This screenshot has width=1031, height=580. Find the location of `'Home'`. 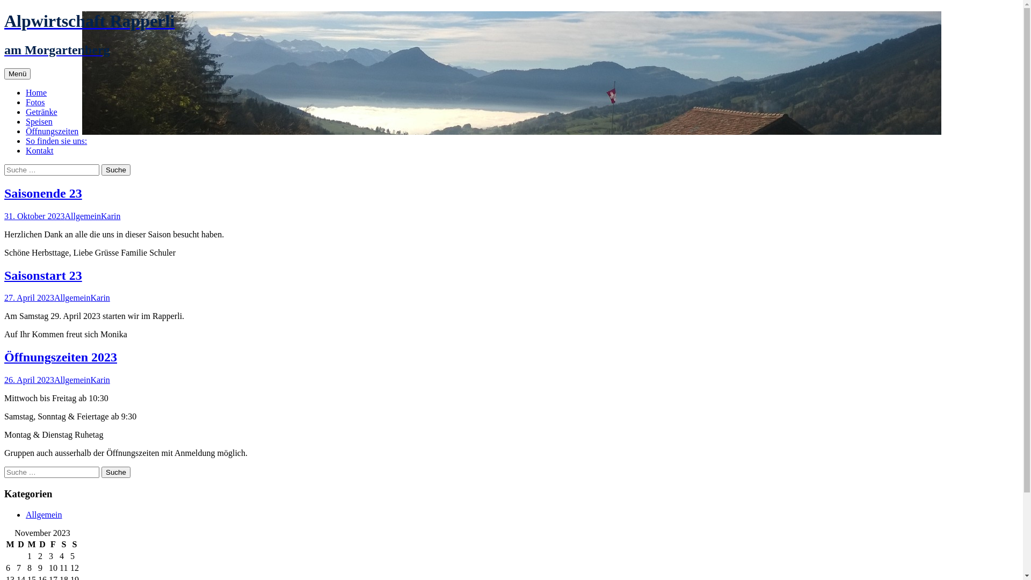

'Home' is located at coordinates (36, 92).